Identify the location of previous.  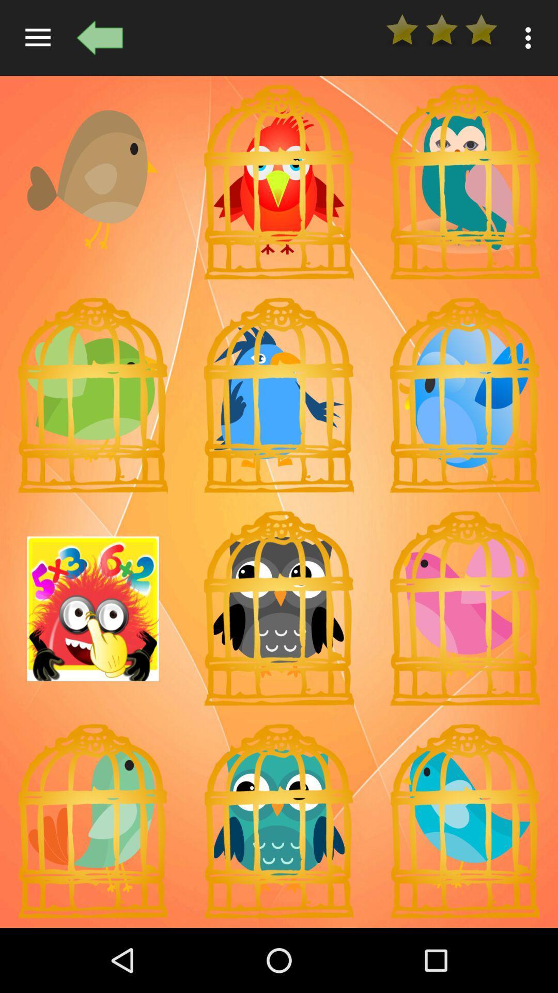
(100, 38).